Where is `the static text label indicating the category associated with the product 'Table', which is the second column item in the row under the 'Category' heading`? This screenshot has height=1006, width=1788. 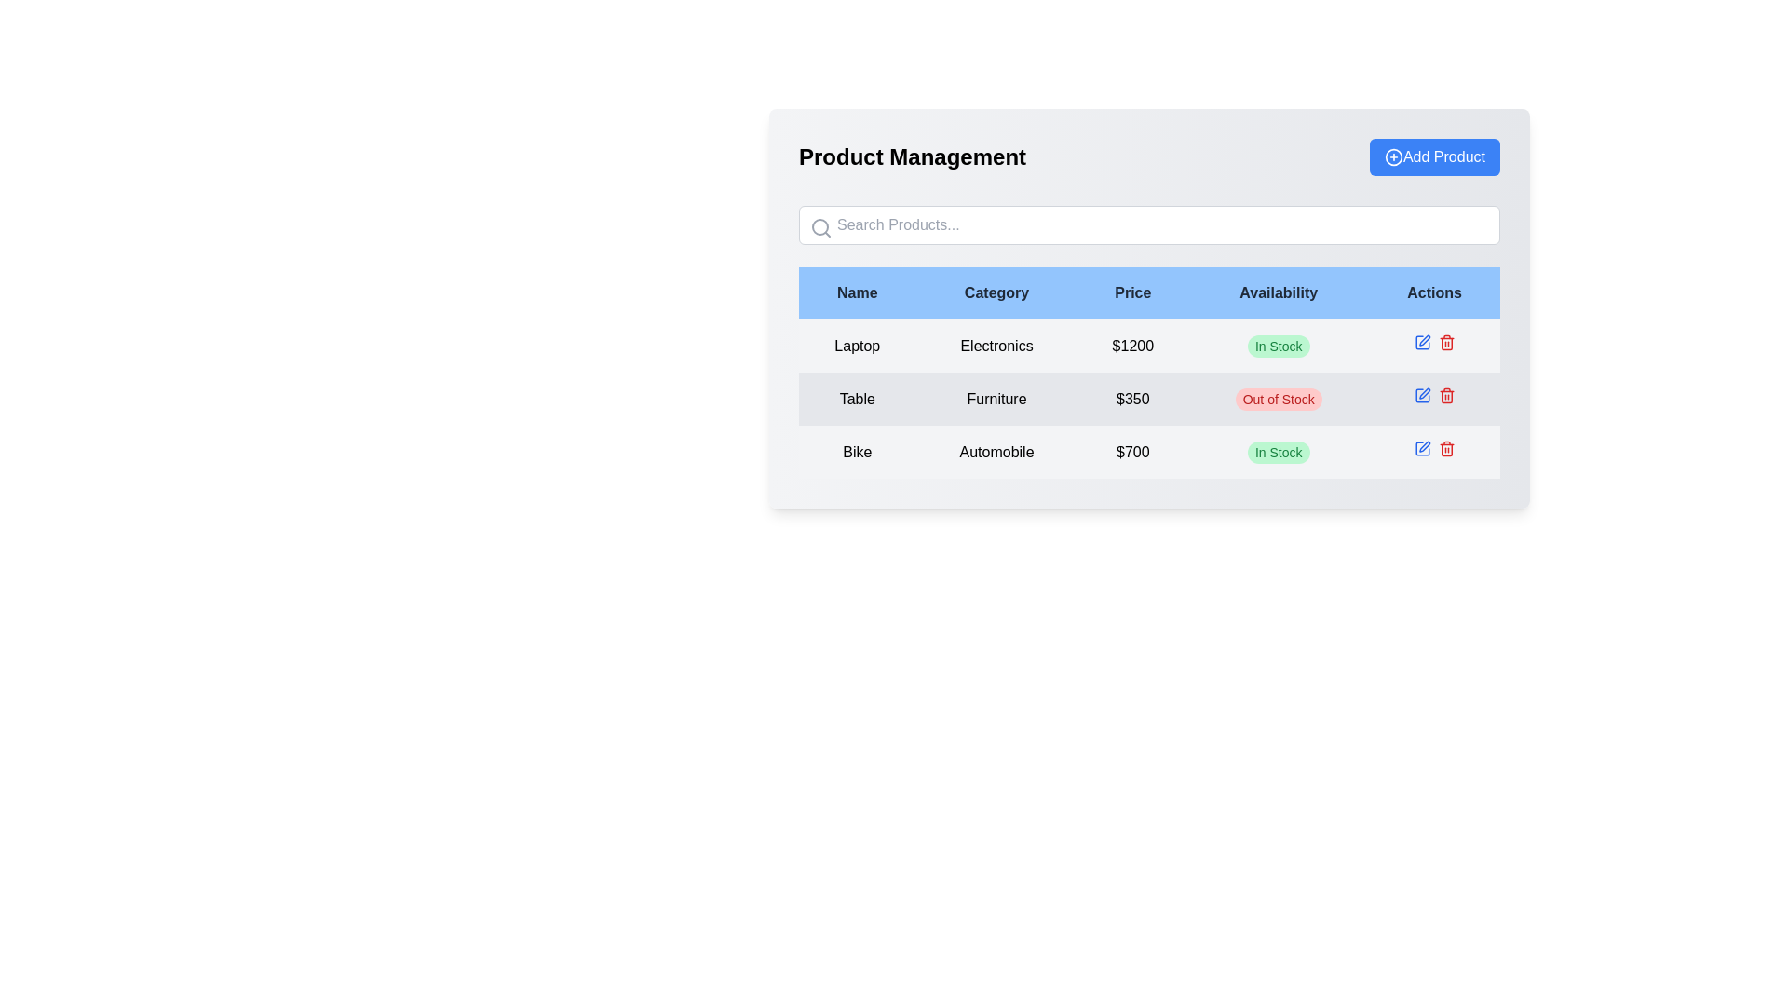 the static text label indicating the category associated with the product 'Table', which is the second column item in the row under the 'Category' heading is located at coordinates (996, 398).